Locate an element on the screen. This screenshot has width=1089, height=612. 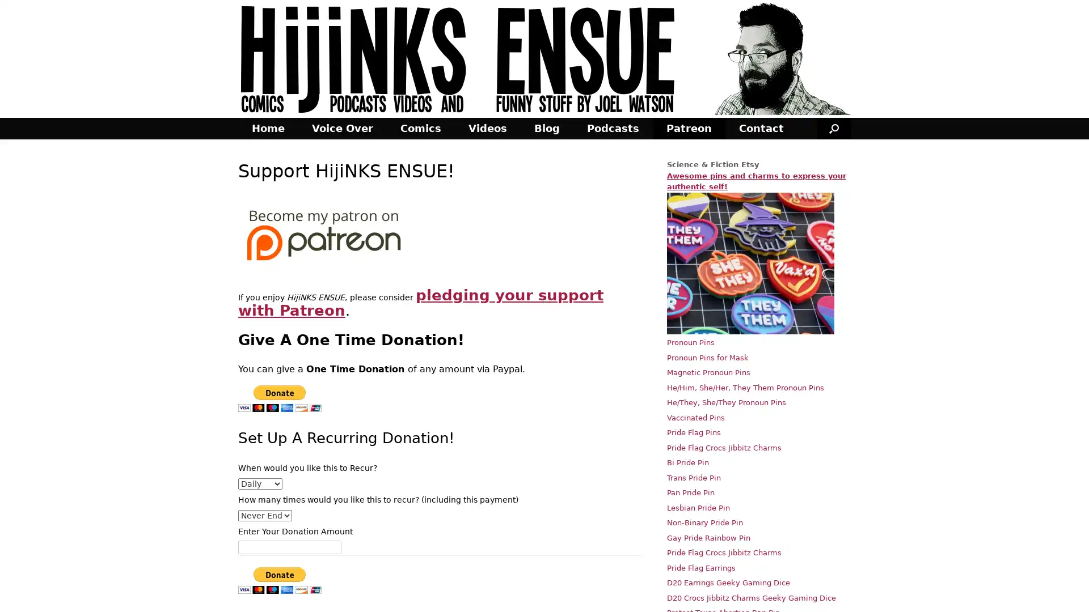
PayPal - The safer, easier way to pay online! is located at coordinates (280, 398).